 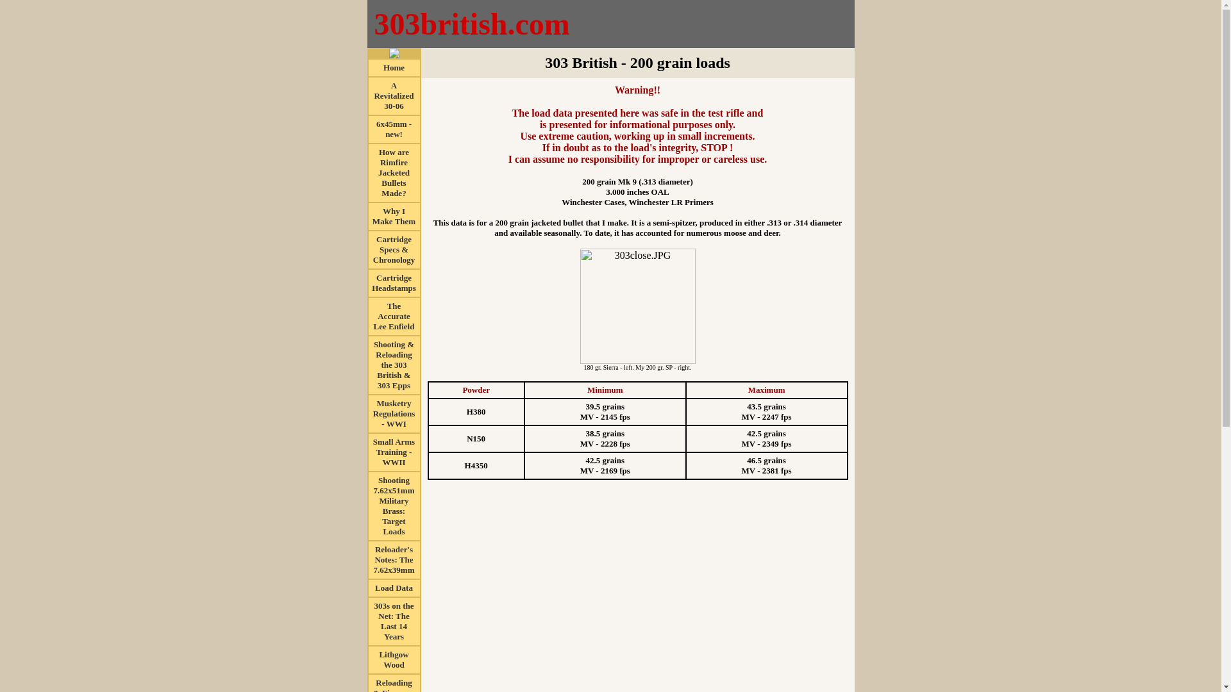 What do you see at coordinates (393, 94) in the screenshot?
I see `'A Revitalized 30-06'` at bounding box center [393, 94].